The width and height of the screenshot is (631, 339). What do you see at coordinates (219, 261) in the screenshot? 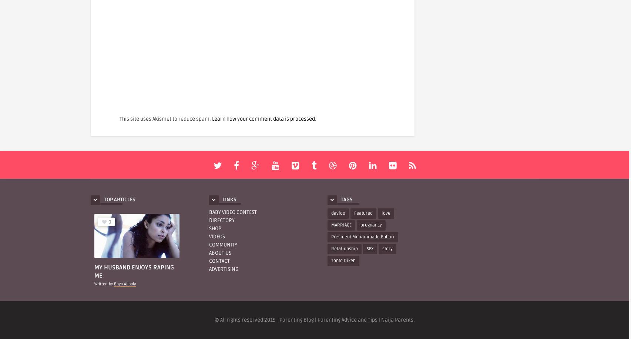
I see `'CONTACT'` at bounding box center [219, 261].